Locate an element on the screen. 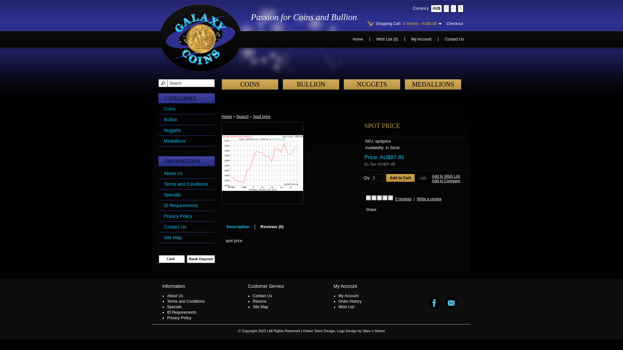  'Coins' is located at coordinates (170, 108).